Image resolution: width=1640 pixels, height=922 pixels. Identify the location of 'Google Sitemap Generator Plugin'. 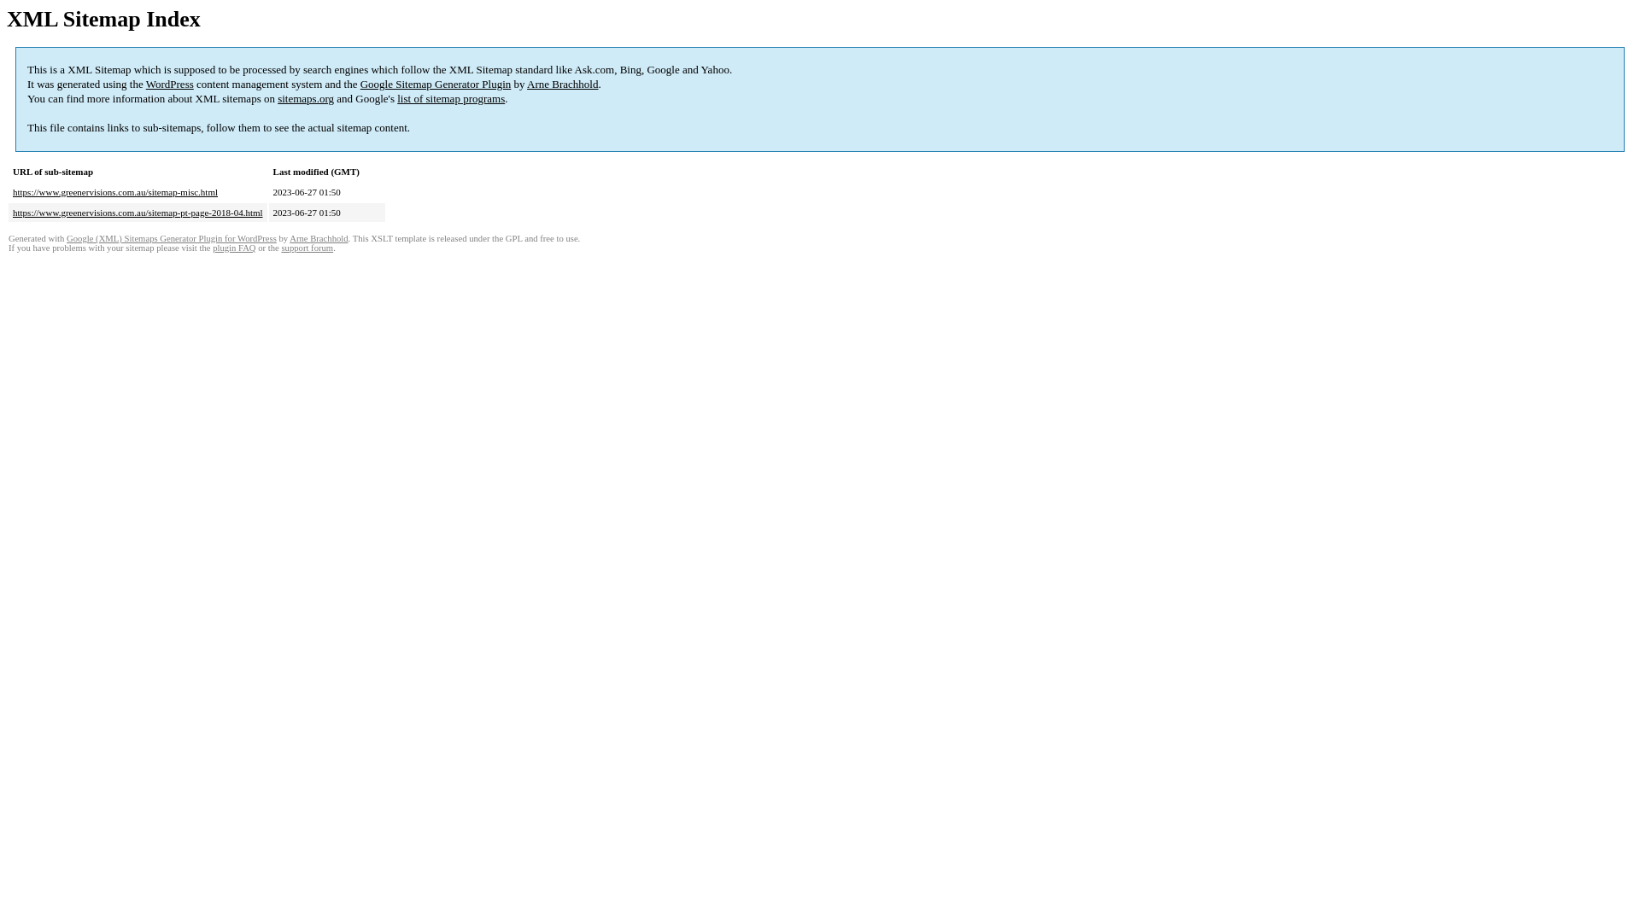
(436, 84).